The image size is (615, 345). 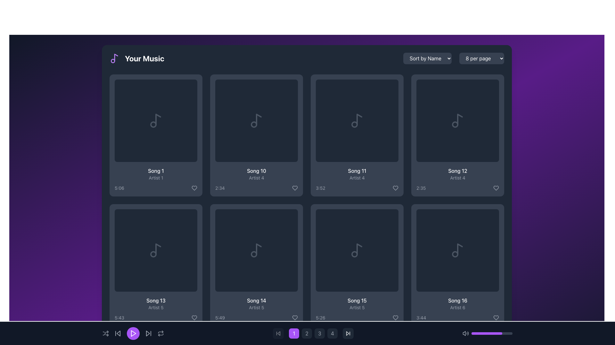 What do you see at coordinates (156, 135) in the screenshot?
I see `the Music tile card located in the top-left corner of the grid` at bounding box center [156, 135].